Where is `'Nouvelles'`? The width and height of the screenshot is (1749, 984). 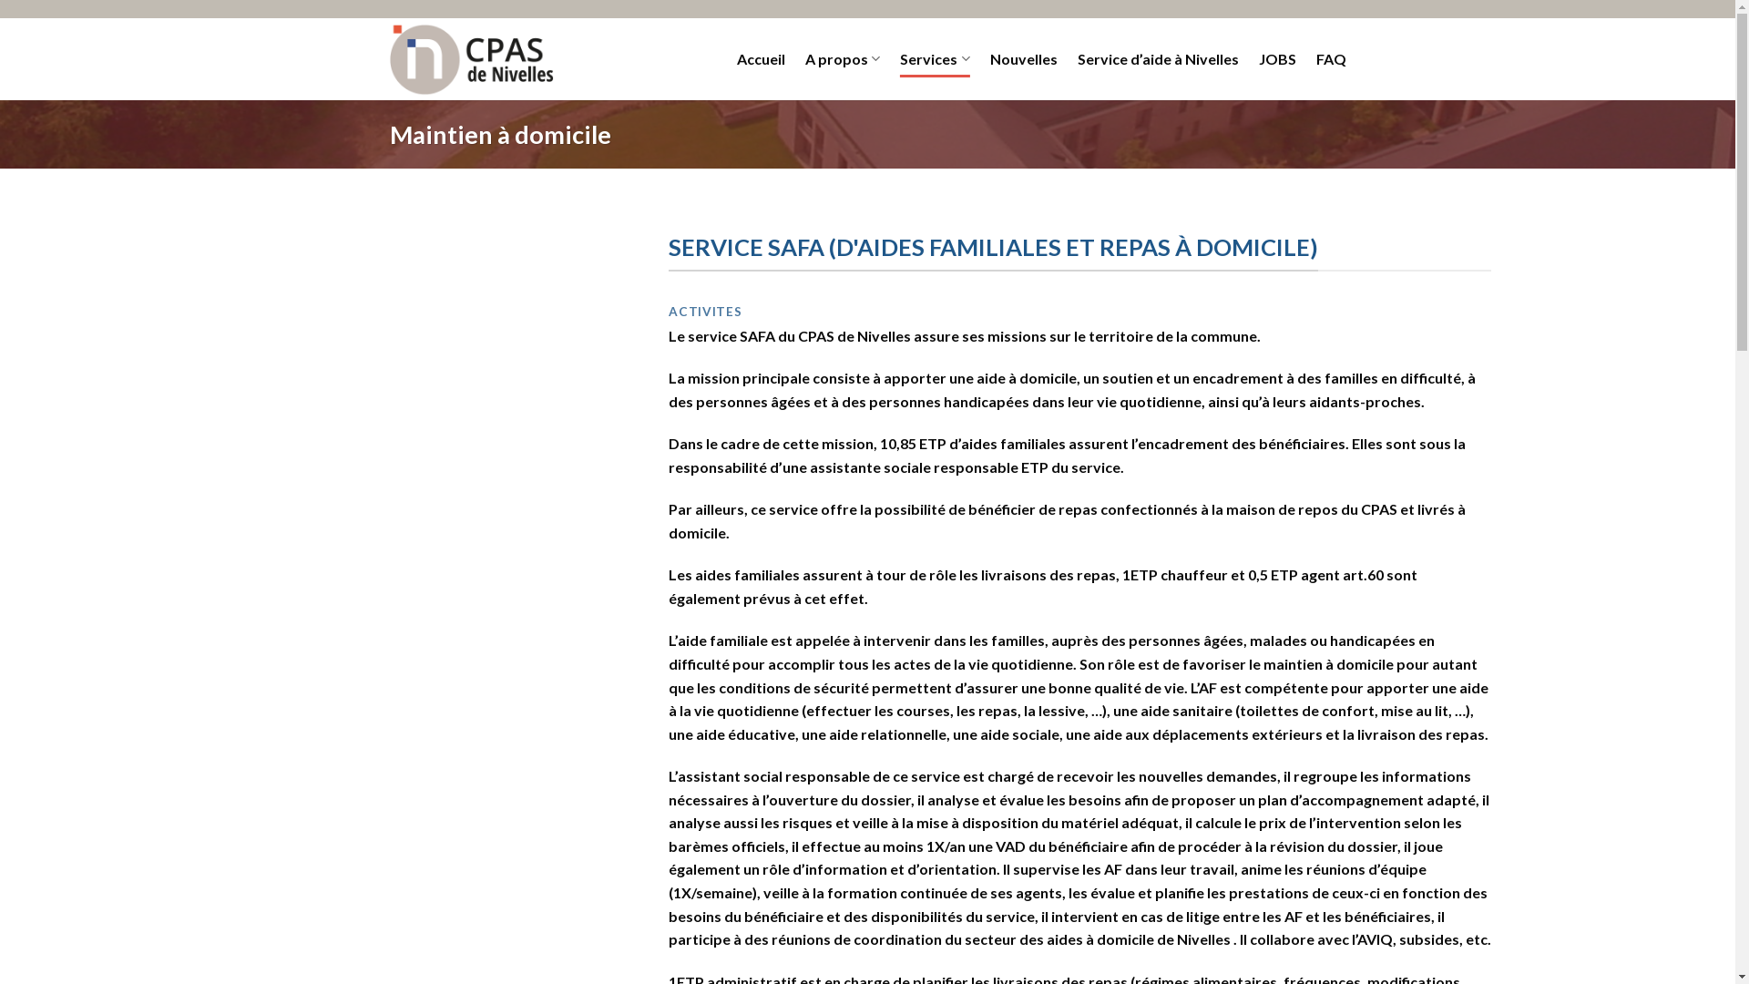 'Nouvelles' is located at coordinates (1023, 58).